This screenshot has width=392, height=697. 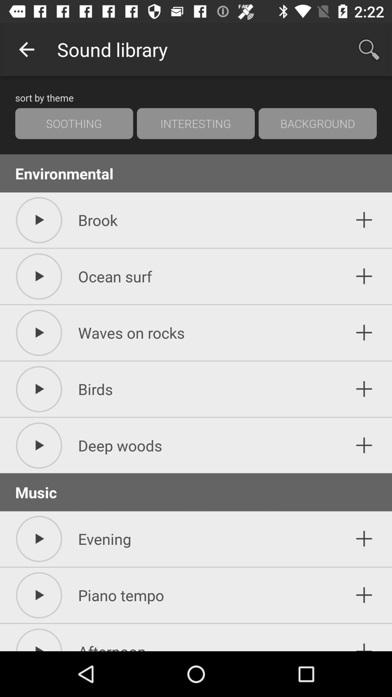 I want to click on to playlist, so click(x=364, y=639).